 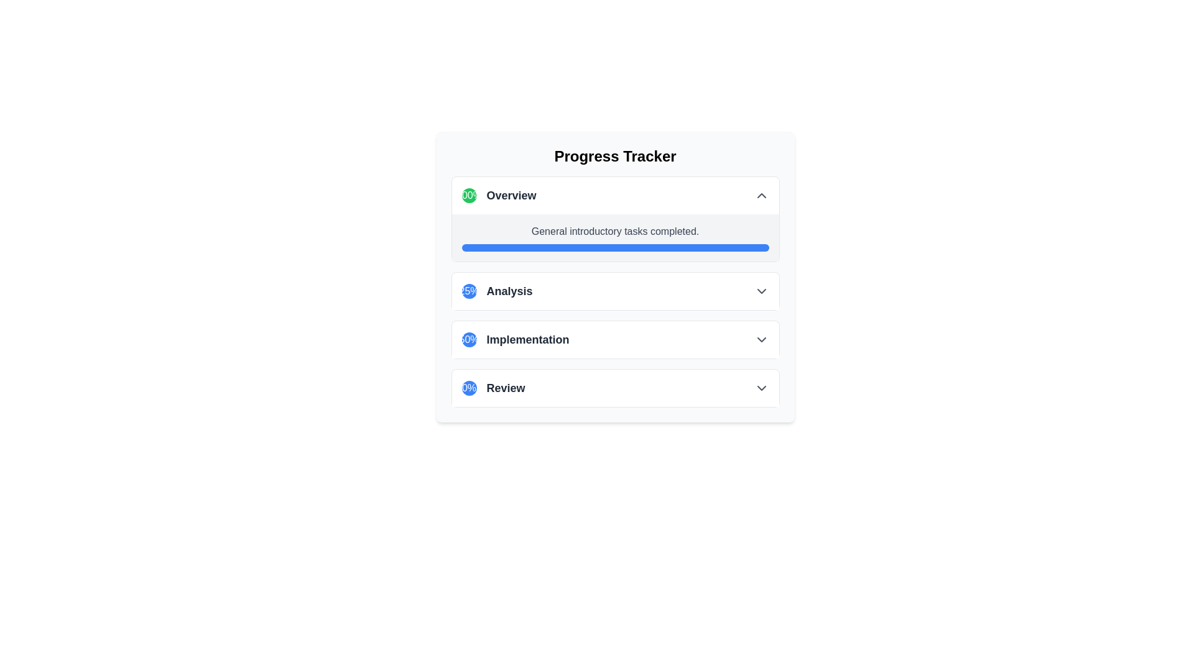 What do you see at coordinates (761, 196) in the screenshot?
I see `the upward chevron icon in the header of the 'Overview' section for keyboard navigation` at bounding box center [761, 196].